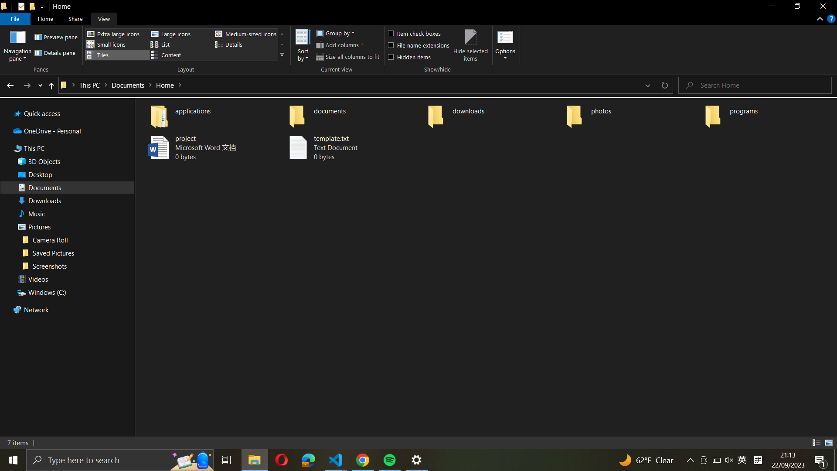  What do you see at coordinates (632, 114) in the screenshot?
I see `Go to the "photos" section and select the early five photos` at bounding box center [632, 114].